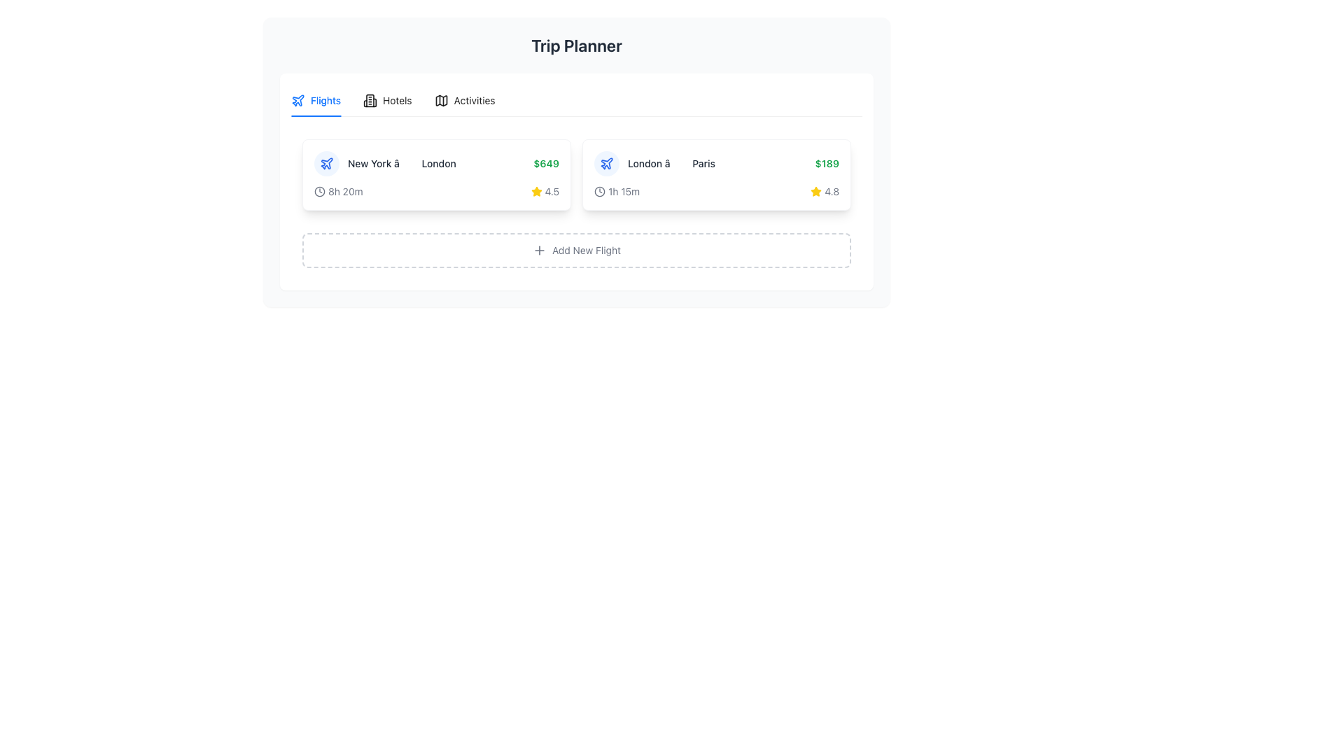  Describe the element at coordinates (535, 191) in the screenshot. I see `the star icon representing a rating of 4.8 located in the lower-right section of the flight details card for the route London to Paris` at that location.